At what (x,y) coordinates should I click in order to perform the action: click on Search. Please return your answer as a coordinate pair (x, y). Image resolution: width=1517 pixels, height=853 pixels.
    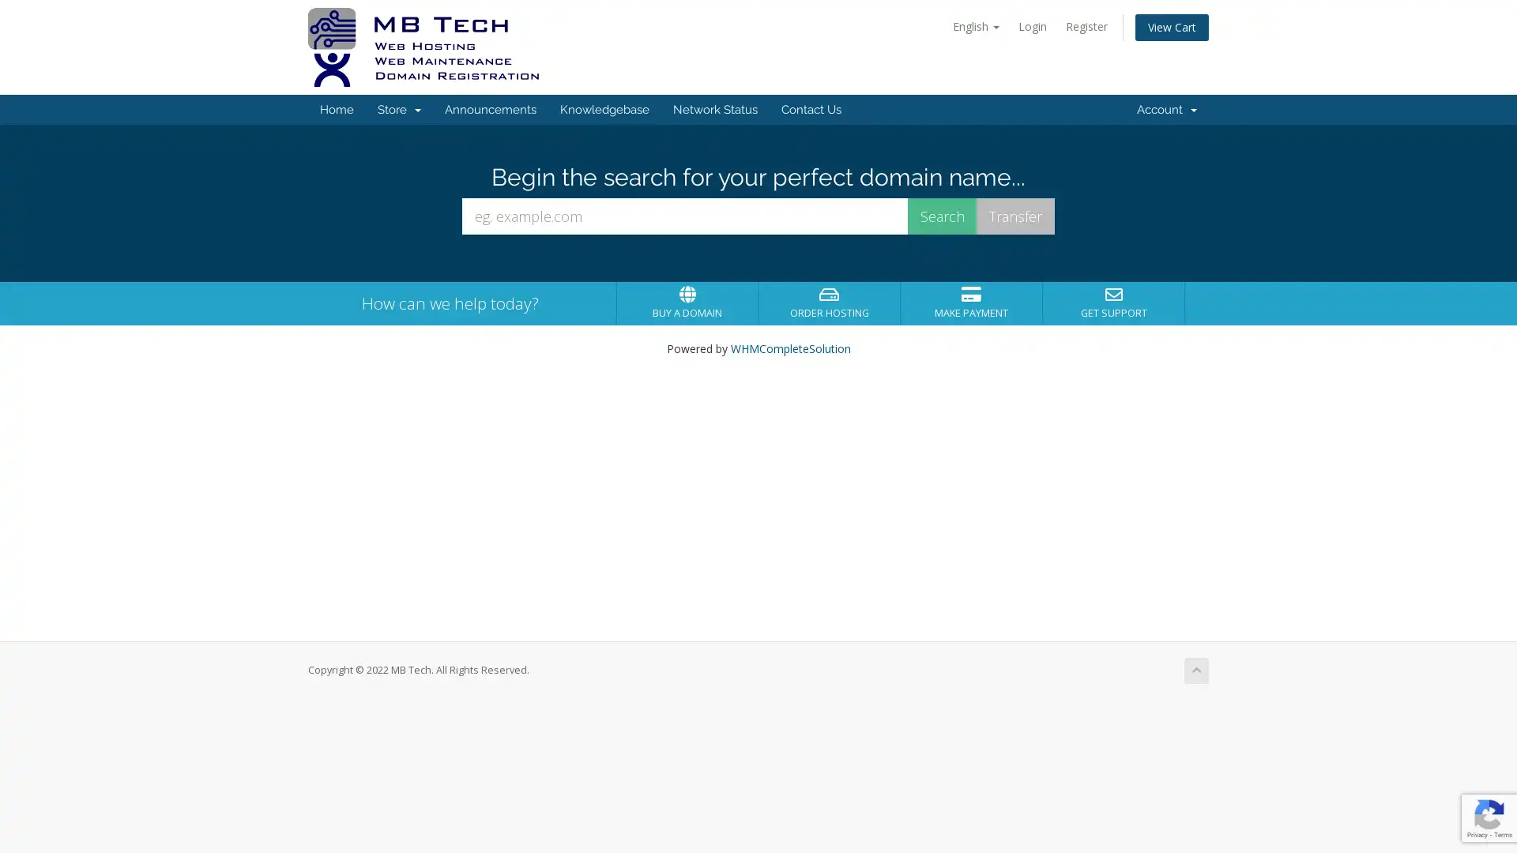
    Looking at the image, I should click on (943, 216).